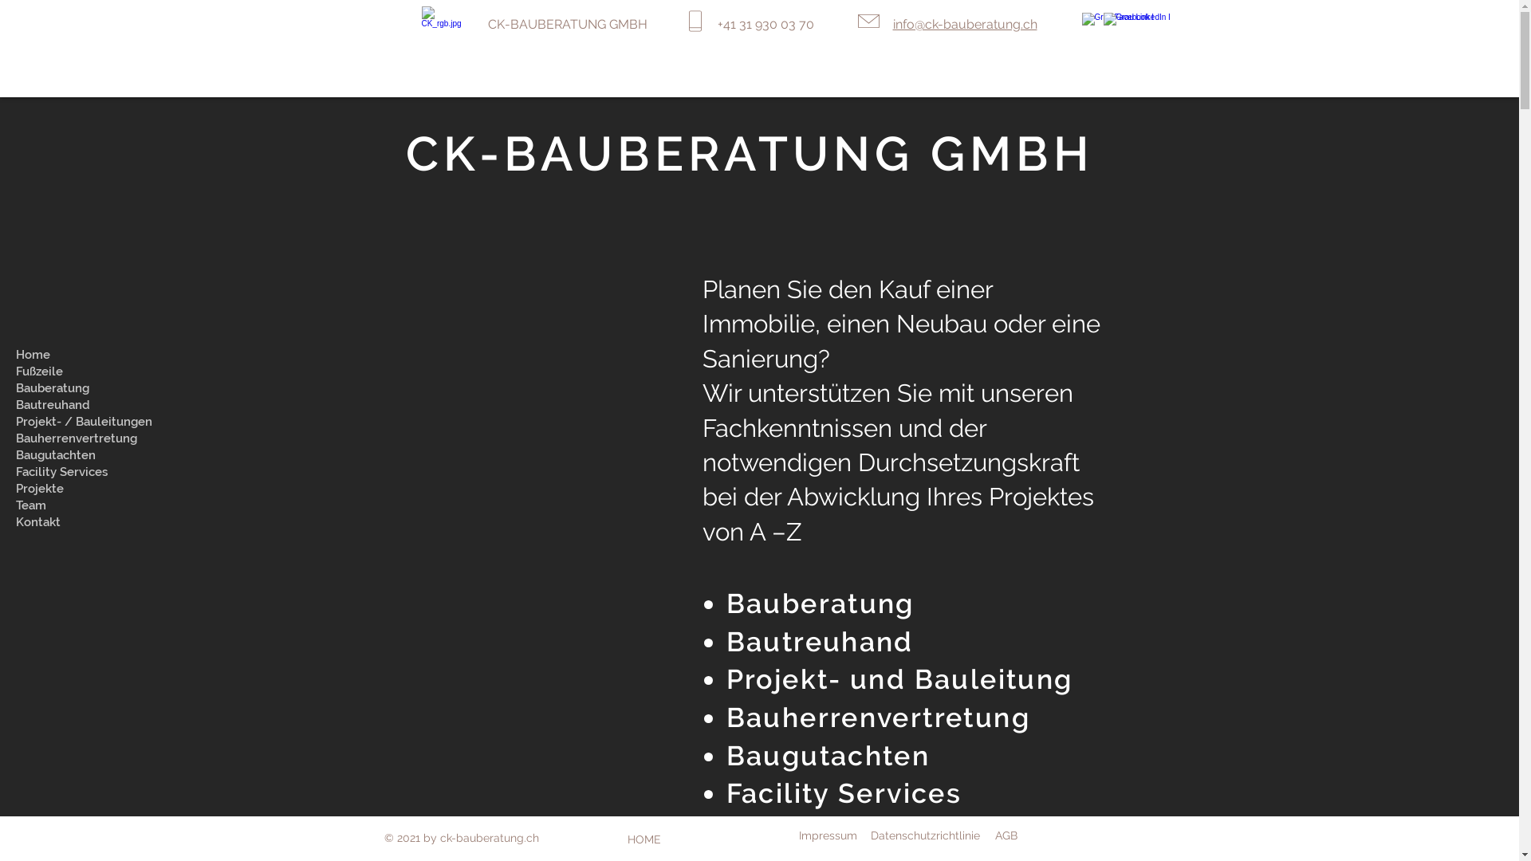  I want to click on 'Bauherrenvertretung', so click(877, 716).